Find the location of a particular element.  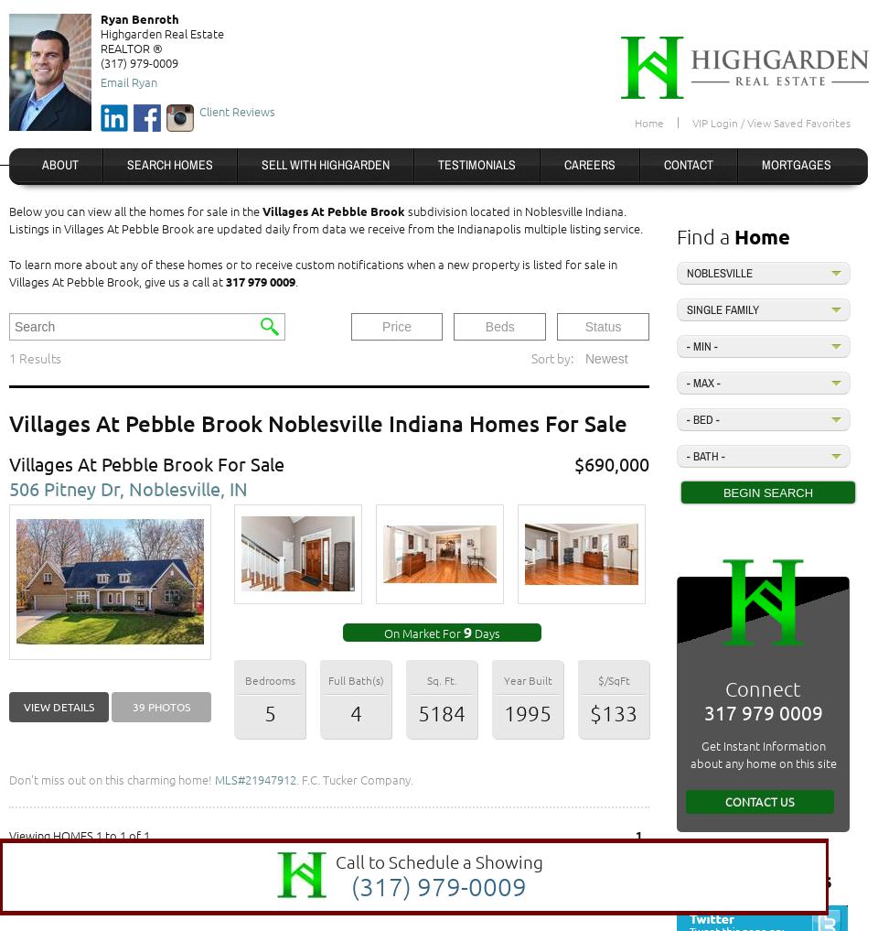

'$690,000' is located at coordinates (573, 461).